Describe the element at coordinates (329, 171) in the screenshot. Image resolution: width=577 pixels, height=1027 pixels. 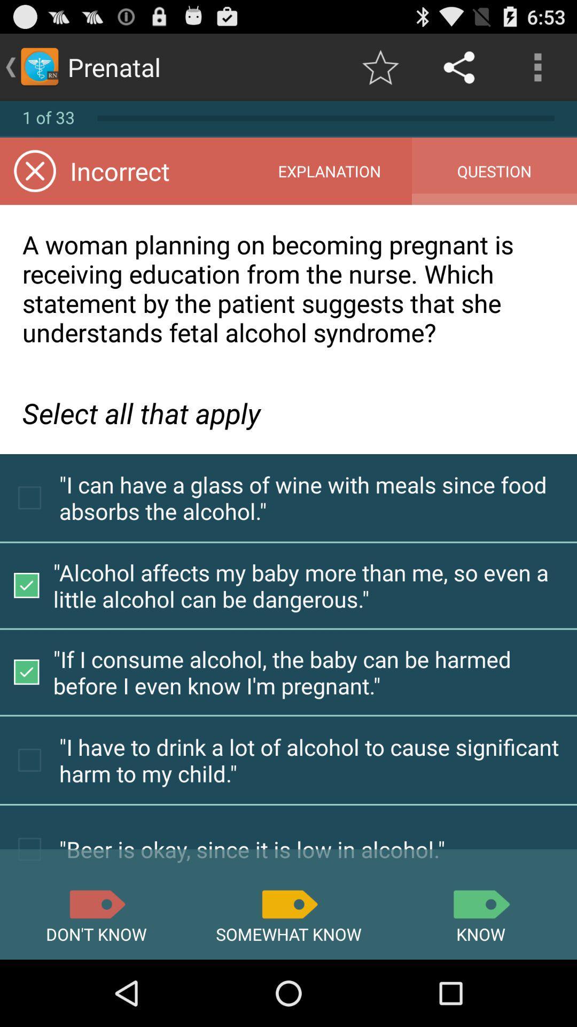
I see `the icon above the a woman planning item` at that location.